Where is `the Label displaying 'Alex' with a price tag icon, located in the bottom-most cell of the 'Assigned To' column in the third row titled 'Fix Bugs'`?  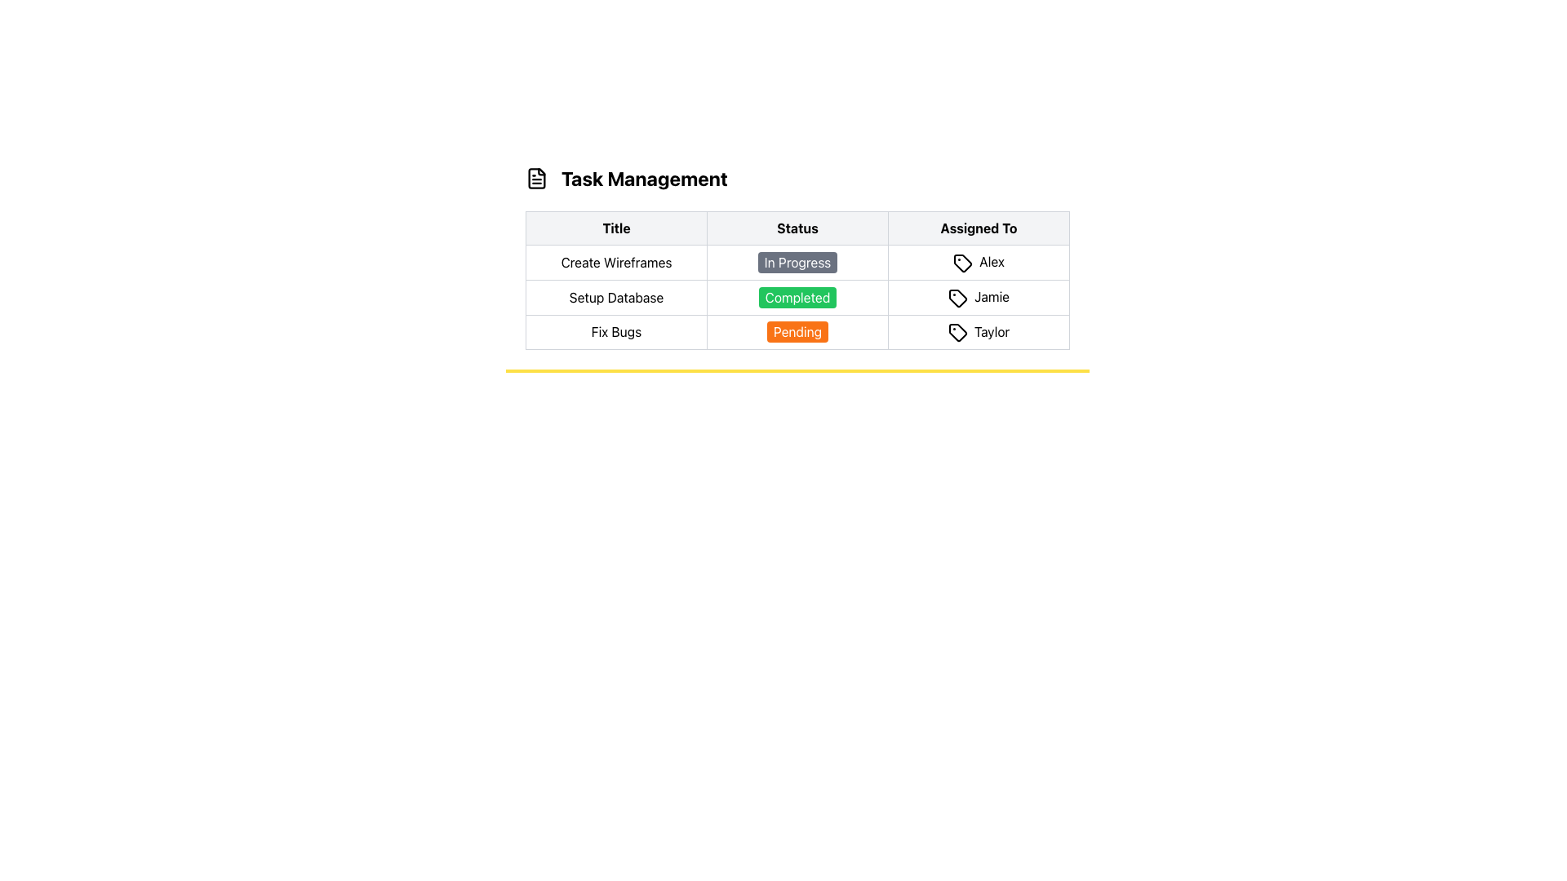
the Label displaying 'Alex' with a price tag icon, located in the bottom-most cell of the 'Assigned To' column in the third row titled 'Fix Bugs' is located at coordinates (979, 261).